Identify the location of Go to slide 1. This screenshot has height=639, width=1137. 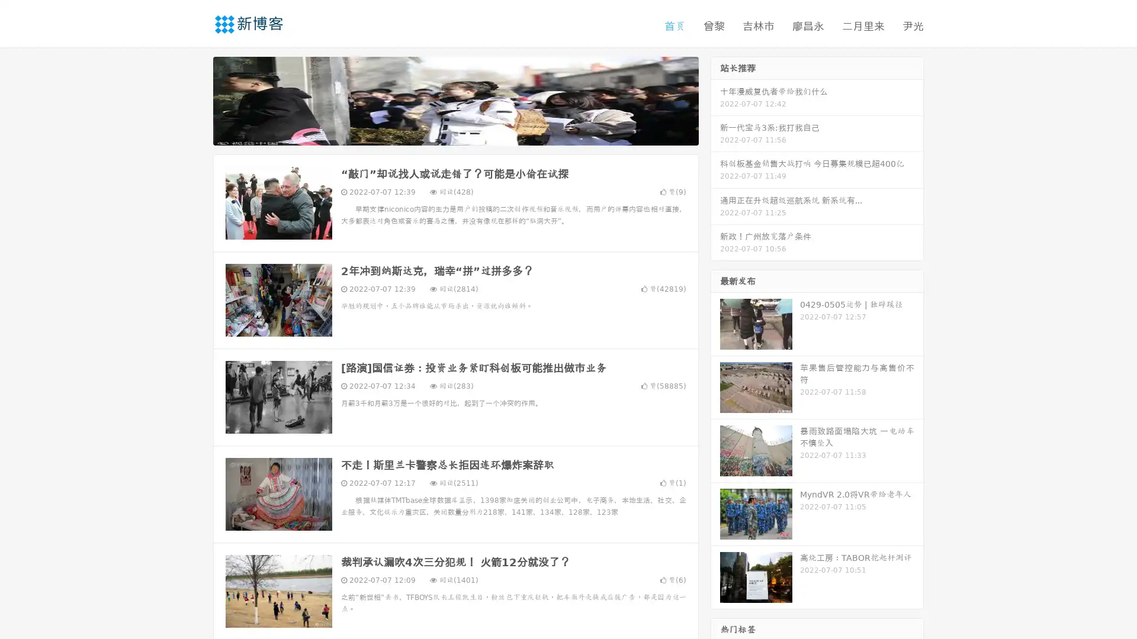
(443, 133).